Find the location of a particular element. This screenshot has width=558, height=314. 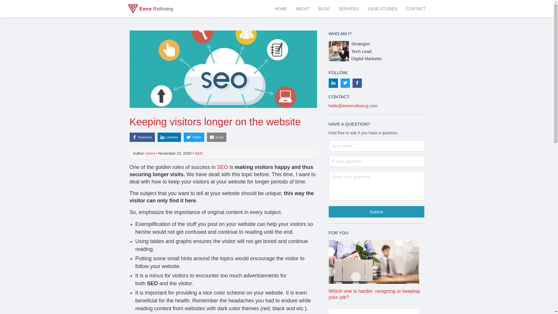

'LinkedIn' is located at coordinates (169, 137).